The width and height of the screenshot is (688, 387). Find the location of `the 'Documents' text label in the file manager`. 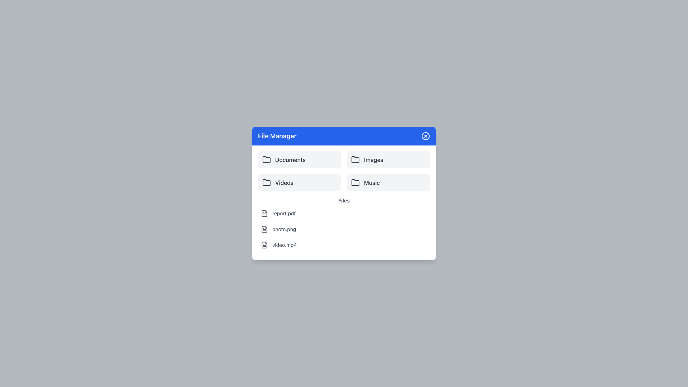

the 'Documents' text label in the file manager is located at coordinates (290, 159).